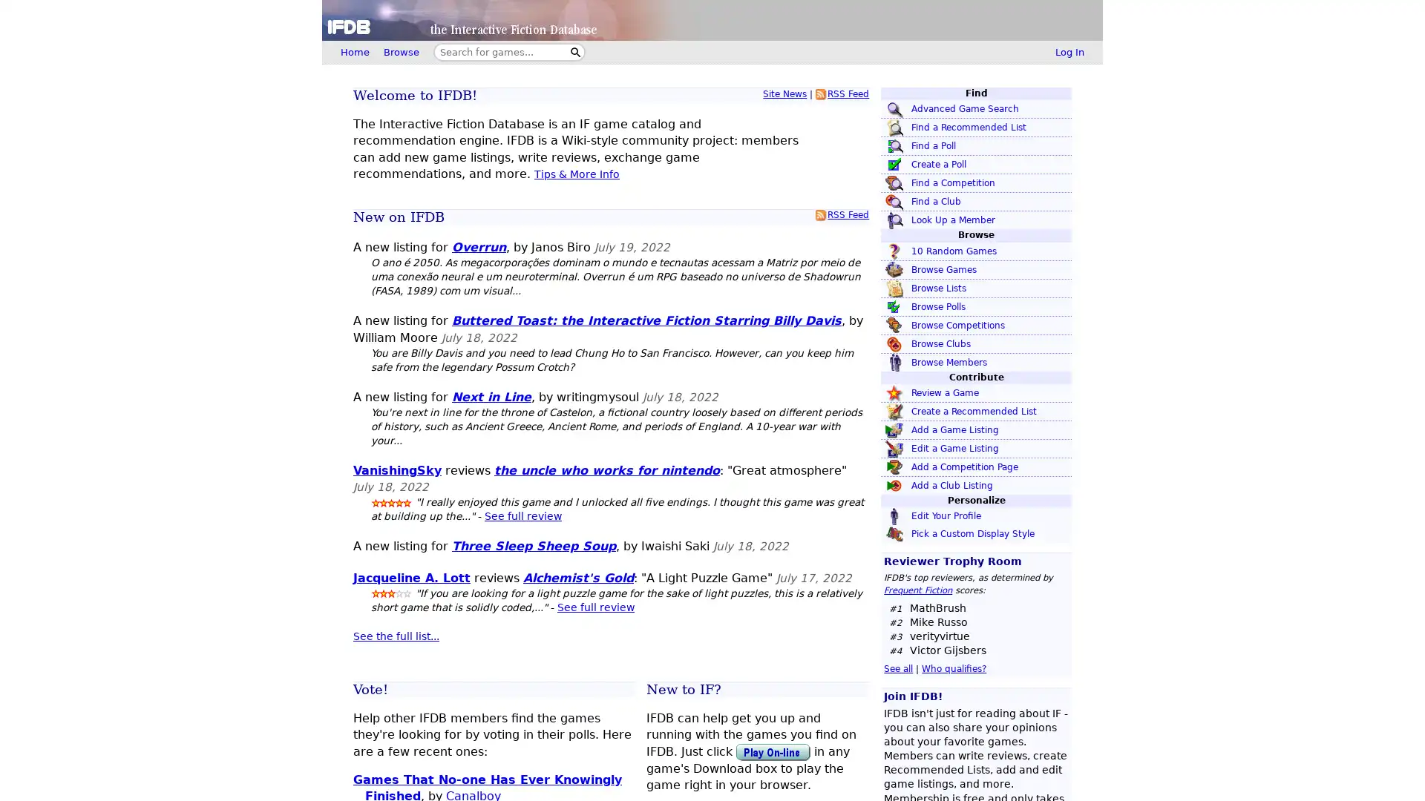 This screenshot has height=801, width=1425. What do you see at coordinates (574, 50) in the screenshot?
I see `Search` at bounding box center [574, 50].